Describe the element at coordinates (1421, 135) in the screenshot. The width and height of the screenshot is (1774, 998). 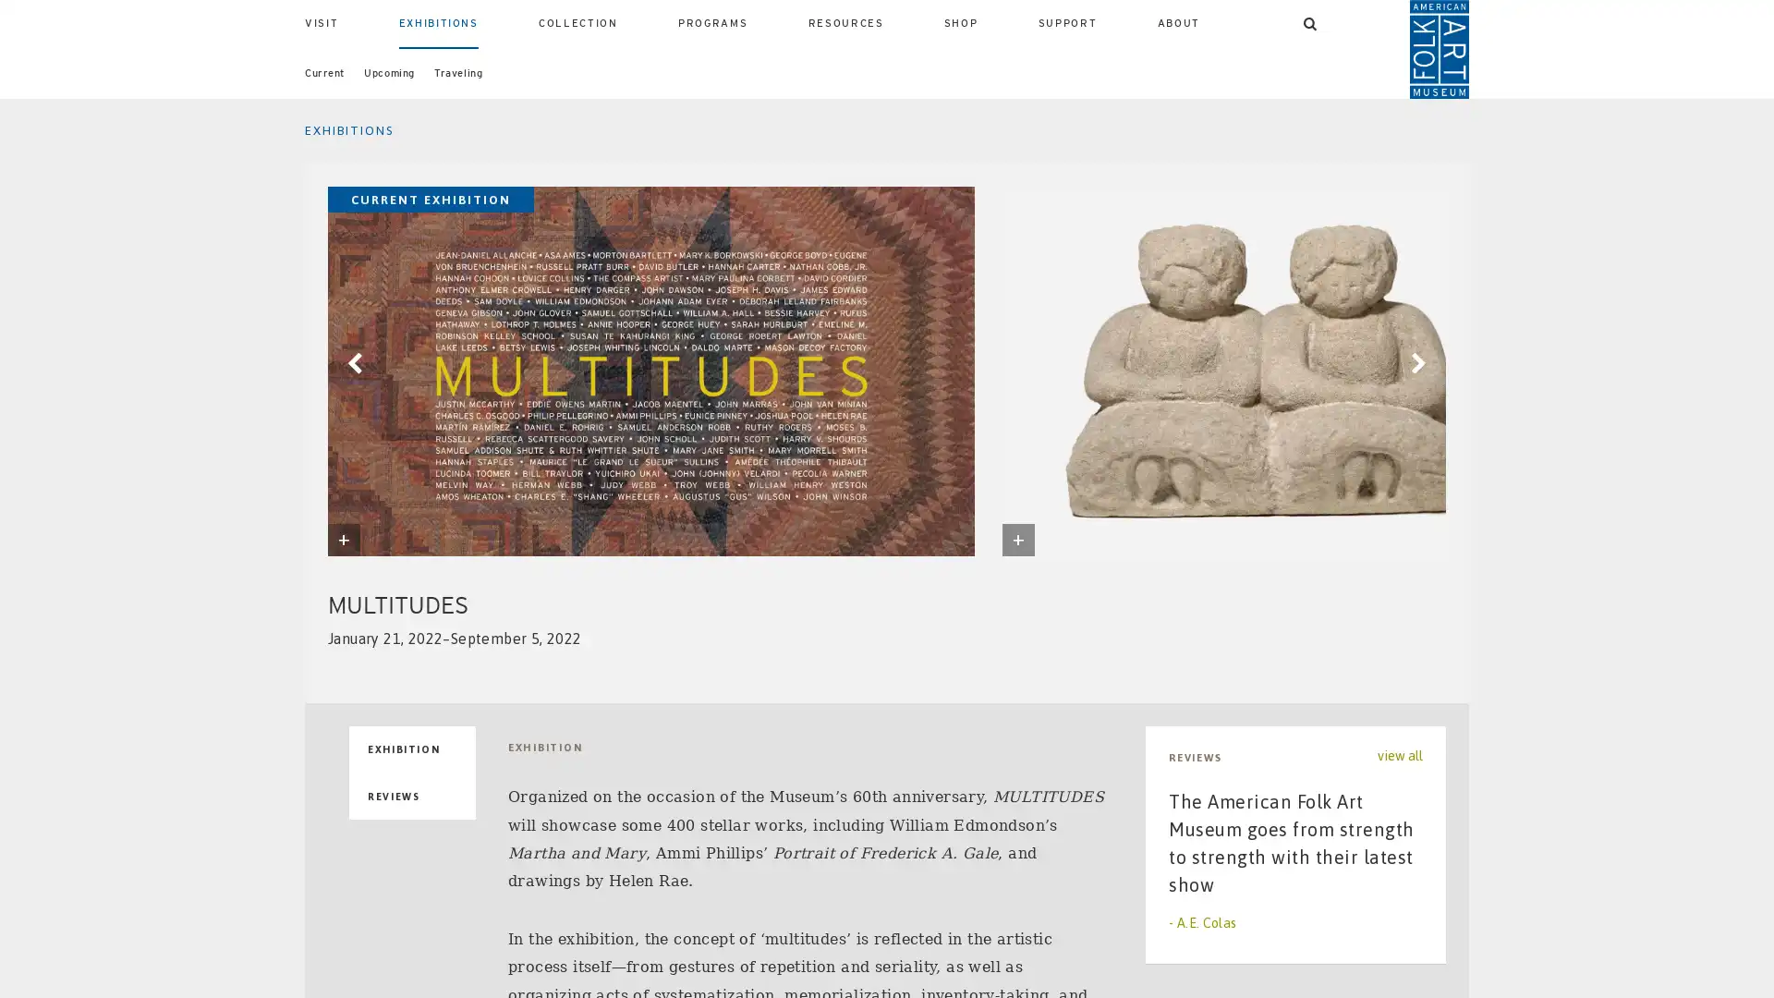
I see `SEARCH` at that location.